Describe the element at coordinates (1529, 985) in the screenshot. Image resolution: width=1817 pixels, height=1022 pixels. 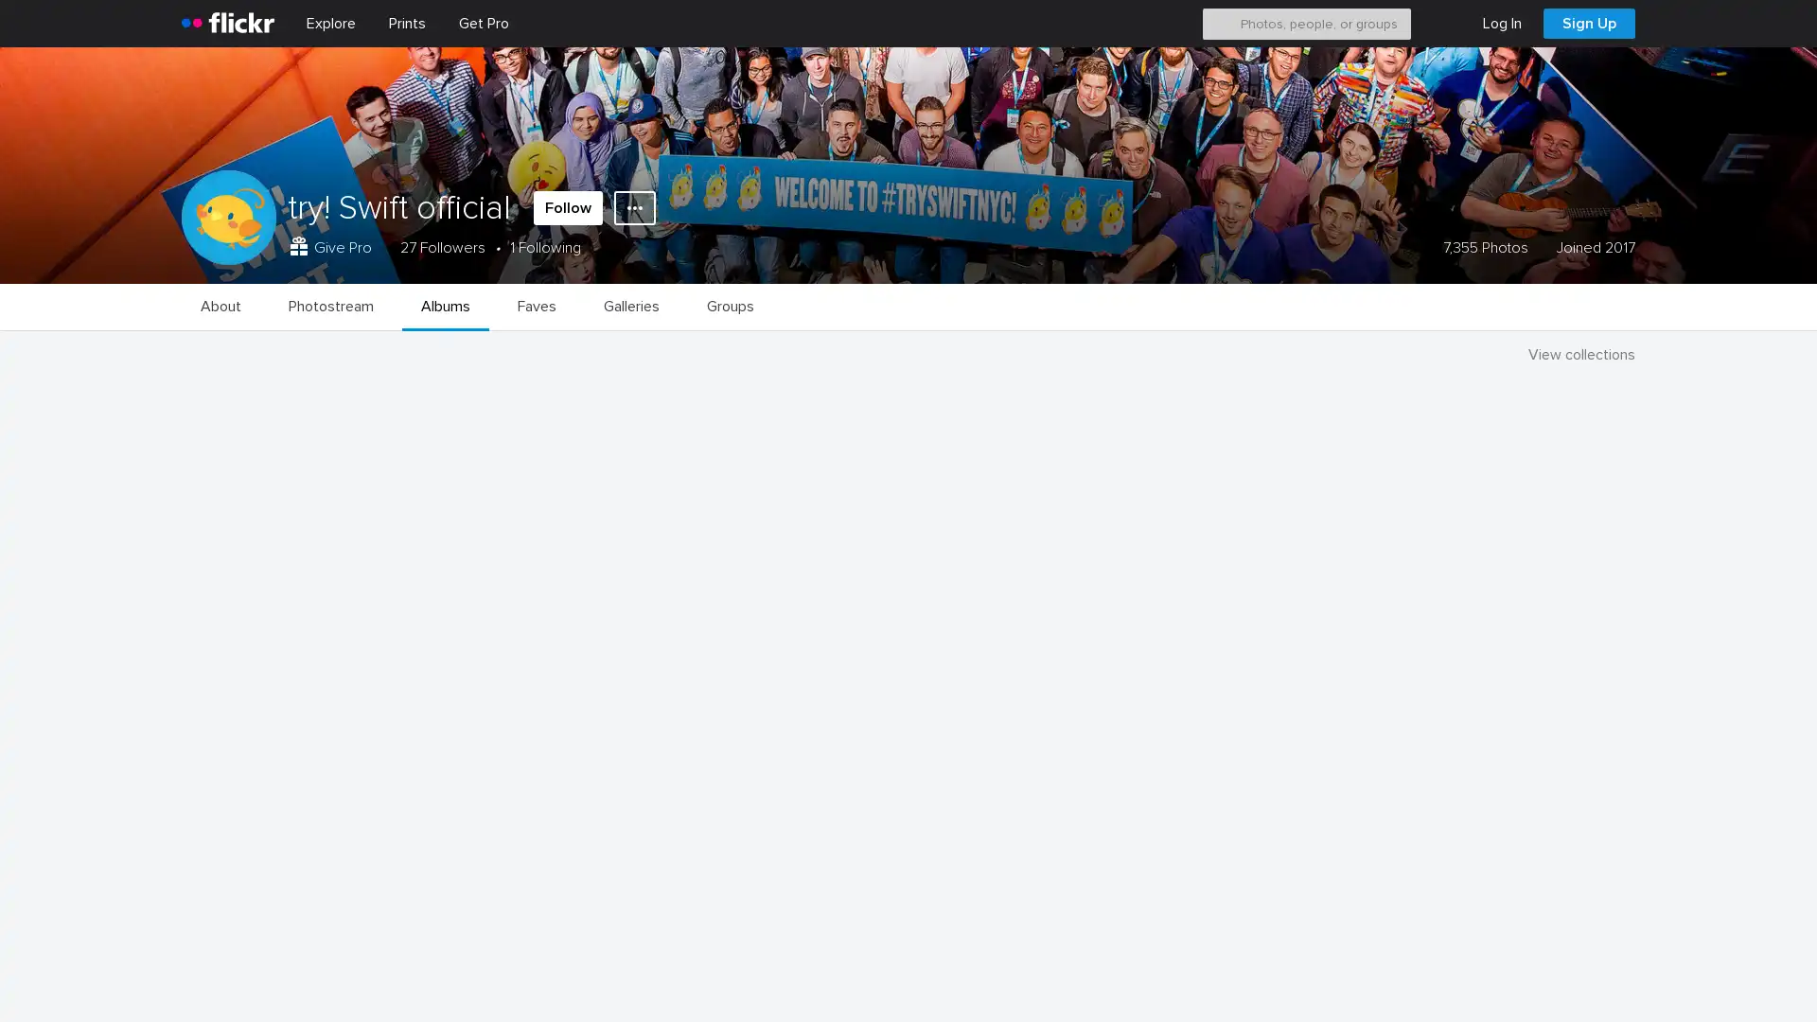
I see `Opt-out` at that location.